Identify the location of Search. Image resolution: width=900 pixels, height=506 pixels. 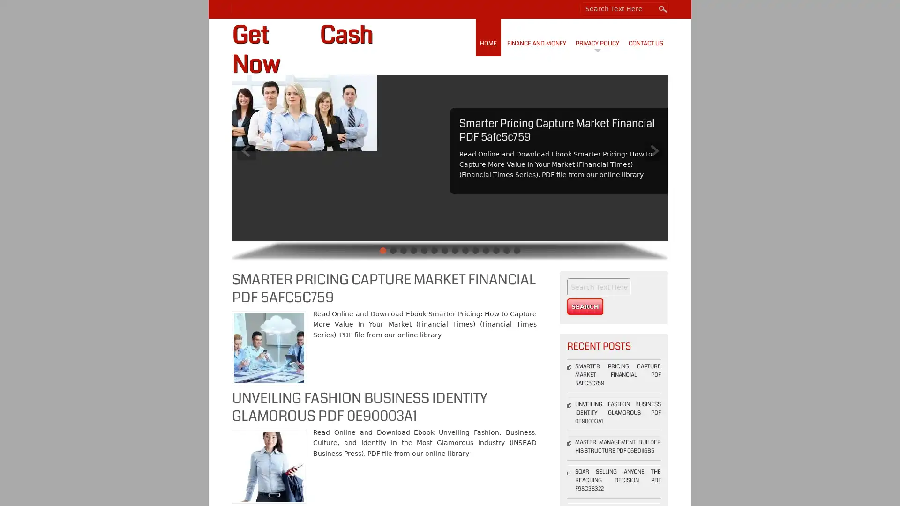
(585, 306).